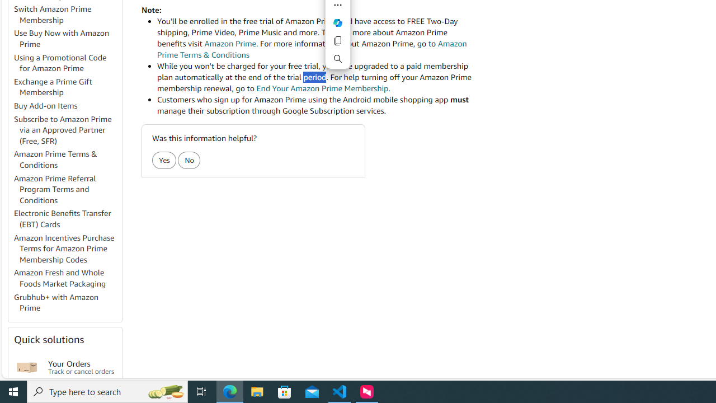 The height and width of the screenshot is (403, 716). I want to click on 'Using a Promotional Code for Amazon Prime', so click(60, 63).